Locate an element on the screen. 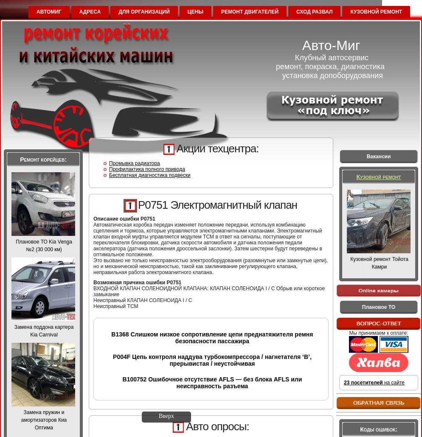 The height and width of the screenshot is (437, 422). 'Автоматическая коробка передач изменяет положение передачи, используя комбинацию сцепления и тормоза, которые управляются электромагнитными клапанами. Электромагнитный клапан входной муфты управляется модулем TCM в ответ на сигналы, поступающие от переключателя блокировки, датчика скорости автомобиля и датчика положения педали акселератора (датчика положения дроссельной заслонки). Затем шестерни будут переведены в оптимальное положение.' is located at coordinates (93, 239).